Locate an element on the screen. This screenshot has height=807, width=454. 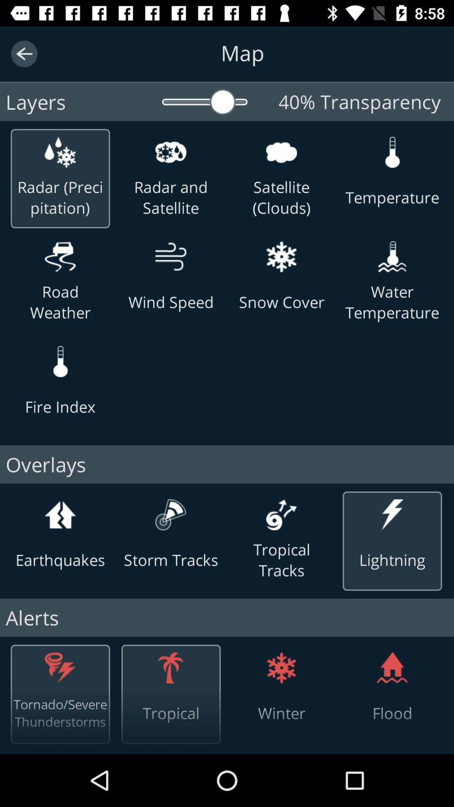
the arrow_backward icon is located at coordinates (24, 53).